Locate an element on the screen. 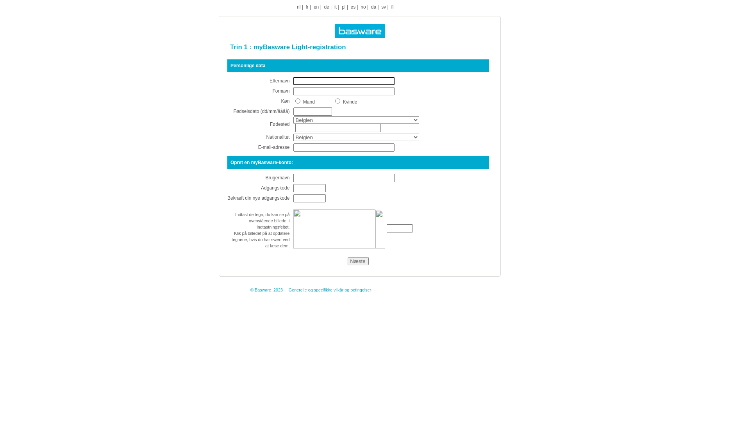 This screenshot has width=750, height=422. 'no' is located at coordinates (362, 7).